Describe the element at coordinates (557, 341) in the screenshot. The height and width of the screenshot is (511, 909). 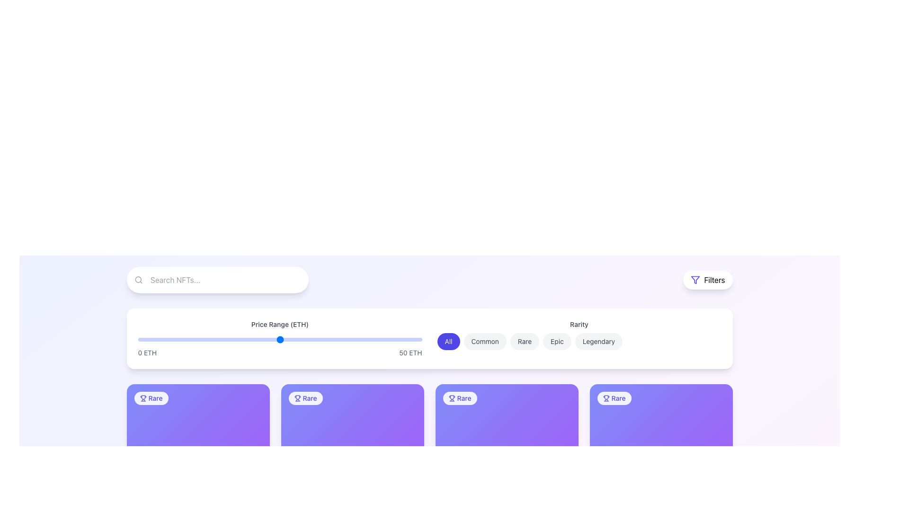
I see `the 'Epic' rarity filter button, which is the fourth button in the group under the 'Rarity' section` at that location.